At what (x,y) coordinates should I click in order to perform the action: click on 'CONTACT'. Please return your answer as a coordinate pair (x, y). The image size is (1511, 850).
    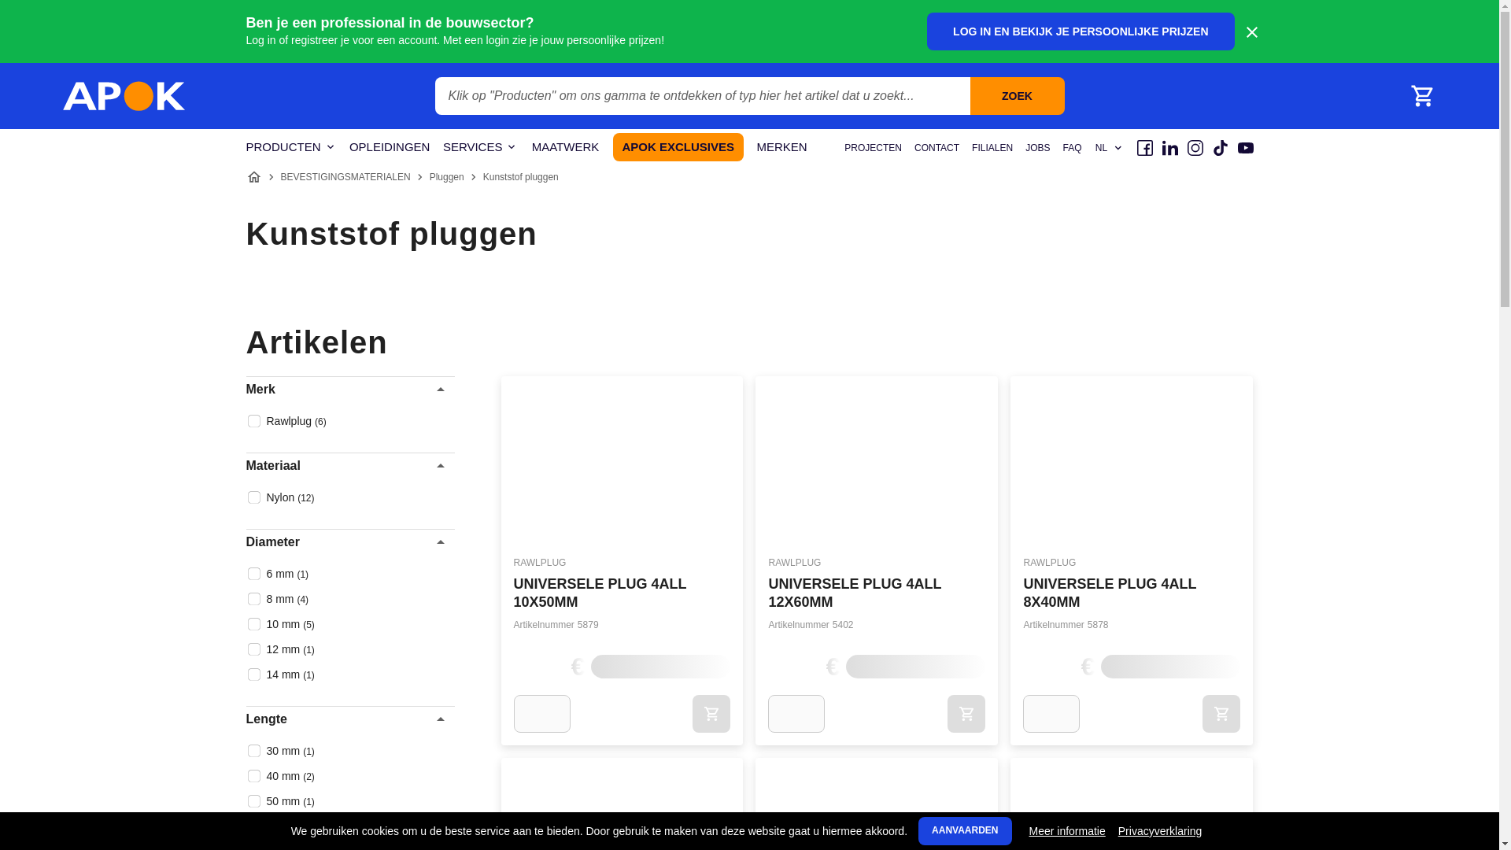
    Looking at the image, I should click on (937, 148).